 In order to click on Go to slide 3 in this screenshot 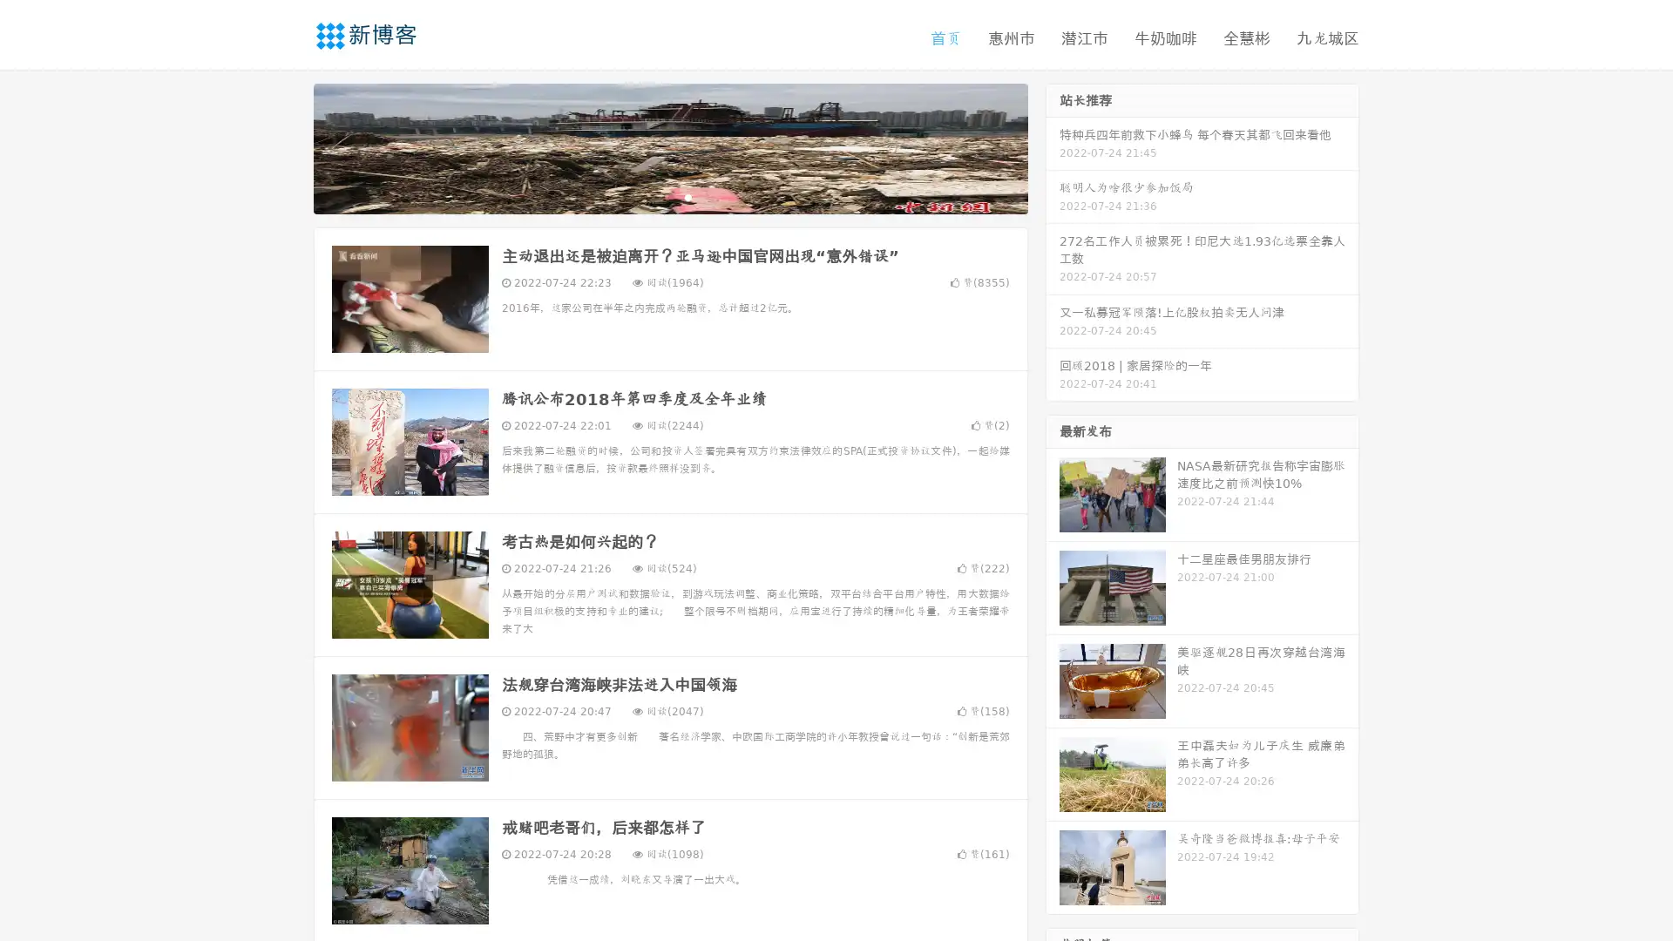, I will do `click(687, 196)`.